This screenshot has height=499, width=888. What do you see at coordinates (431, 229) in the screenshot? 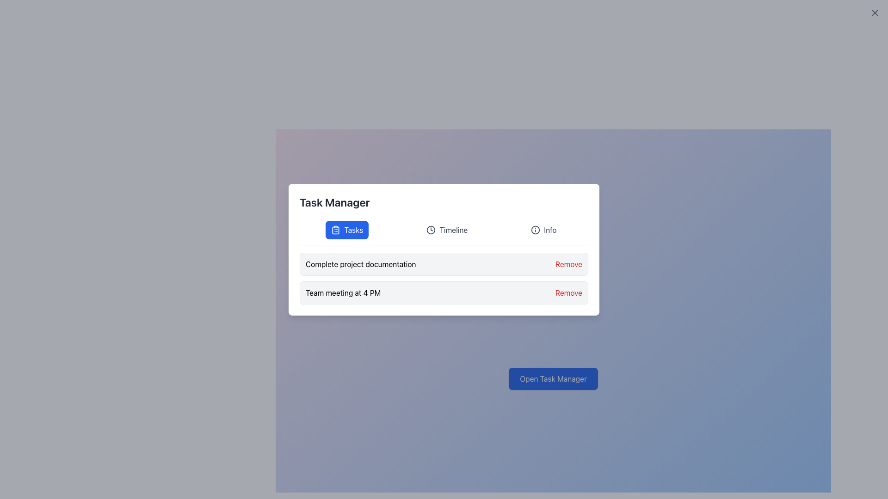
I see `the central circular component of the clock icon, which has a black outline and transparent fill, located above the 'Timeline' button on the task manager interface` at bounding box center [431, 229].